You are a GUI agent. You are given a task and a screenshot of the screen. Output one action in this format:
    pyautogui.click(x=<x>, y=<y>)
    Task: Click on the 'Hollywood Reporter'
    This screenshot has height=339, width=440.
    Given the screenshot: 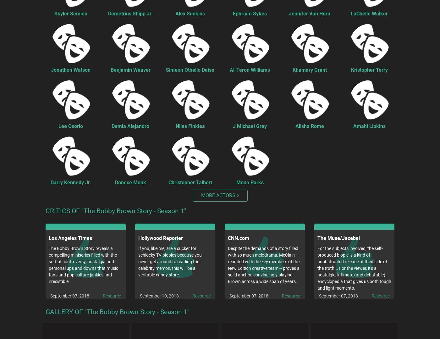 What is the action you would take?
    pyautogui.click(x=161, y=238)
    